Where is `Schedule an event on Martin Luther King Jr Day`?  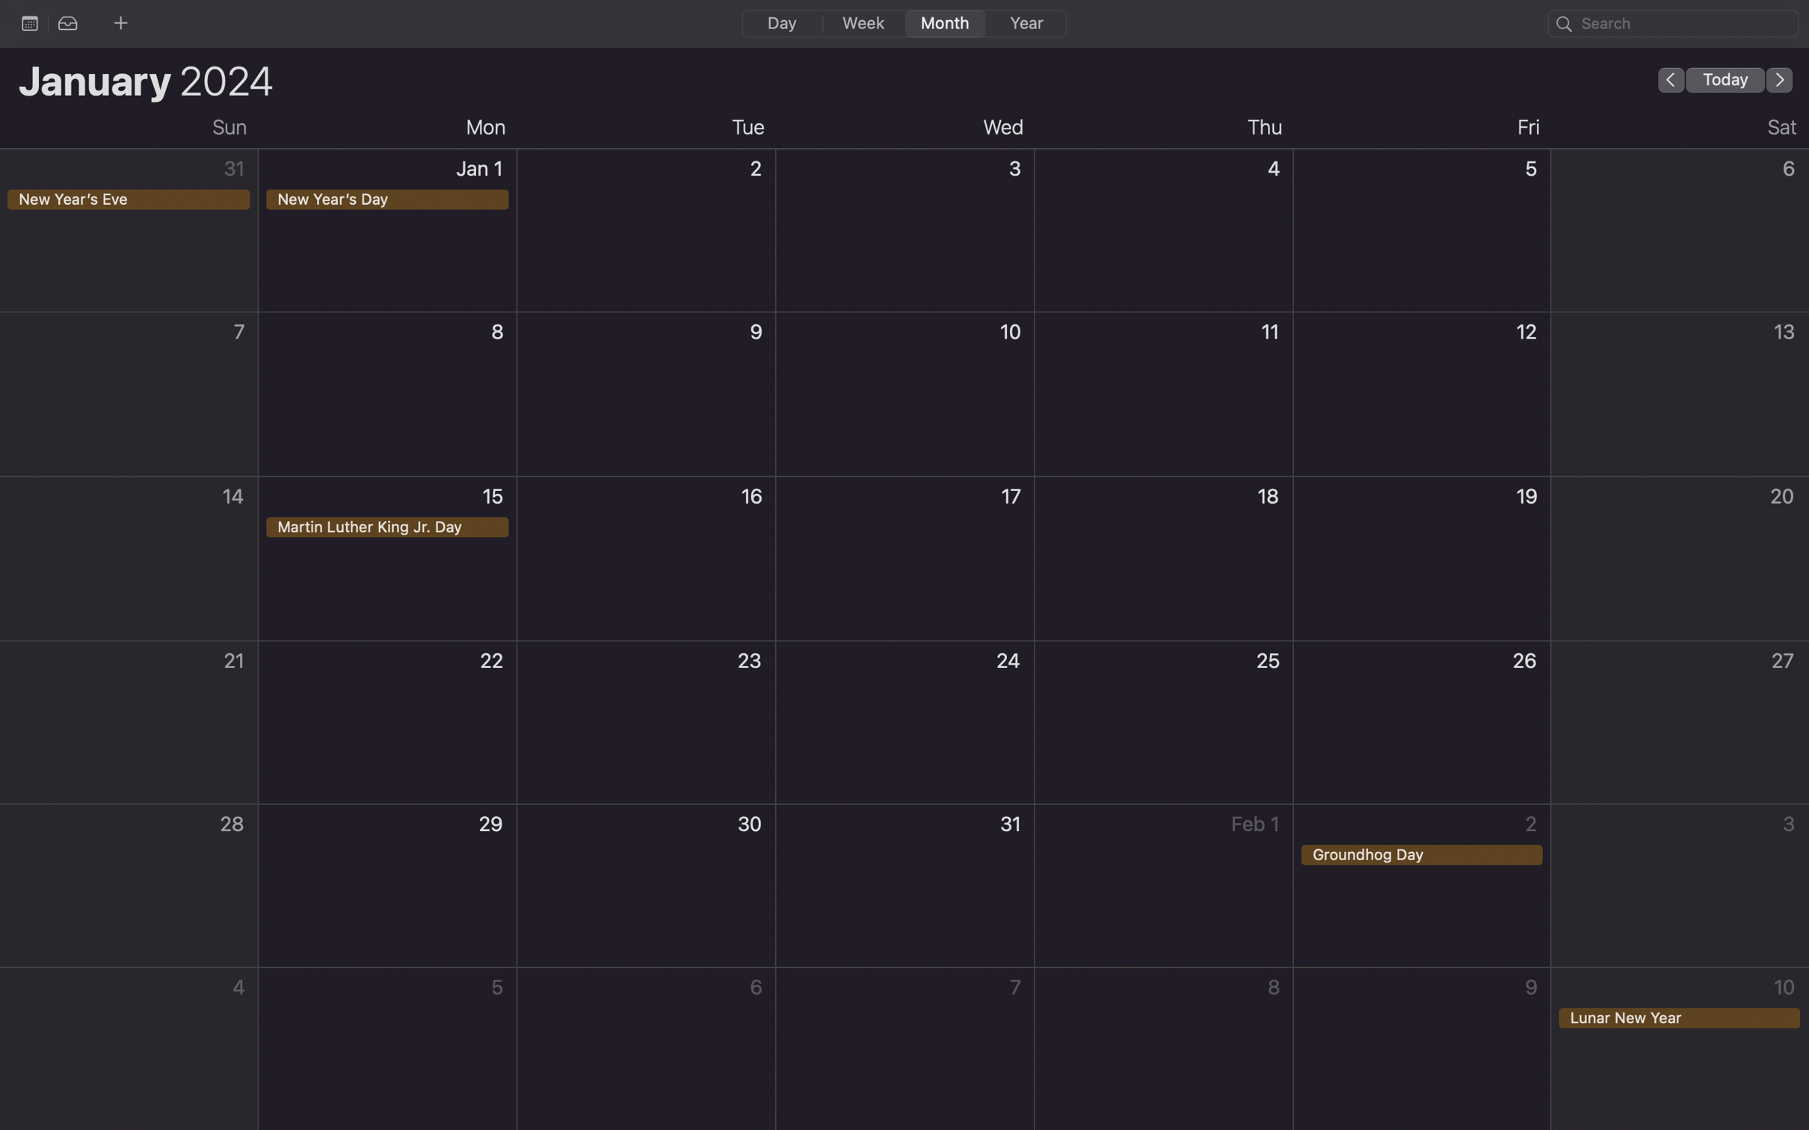
Schedule an event on Martin Luther King Jr Day is located at coordinates (389, 556).